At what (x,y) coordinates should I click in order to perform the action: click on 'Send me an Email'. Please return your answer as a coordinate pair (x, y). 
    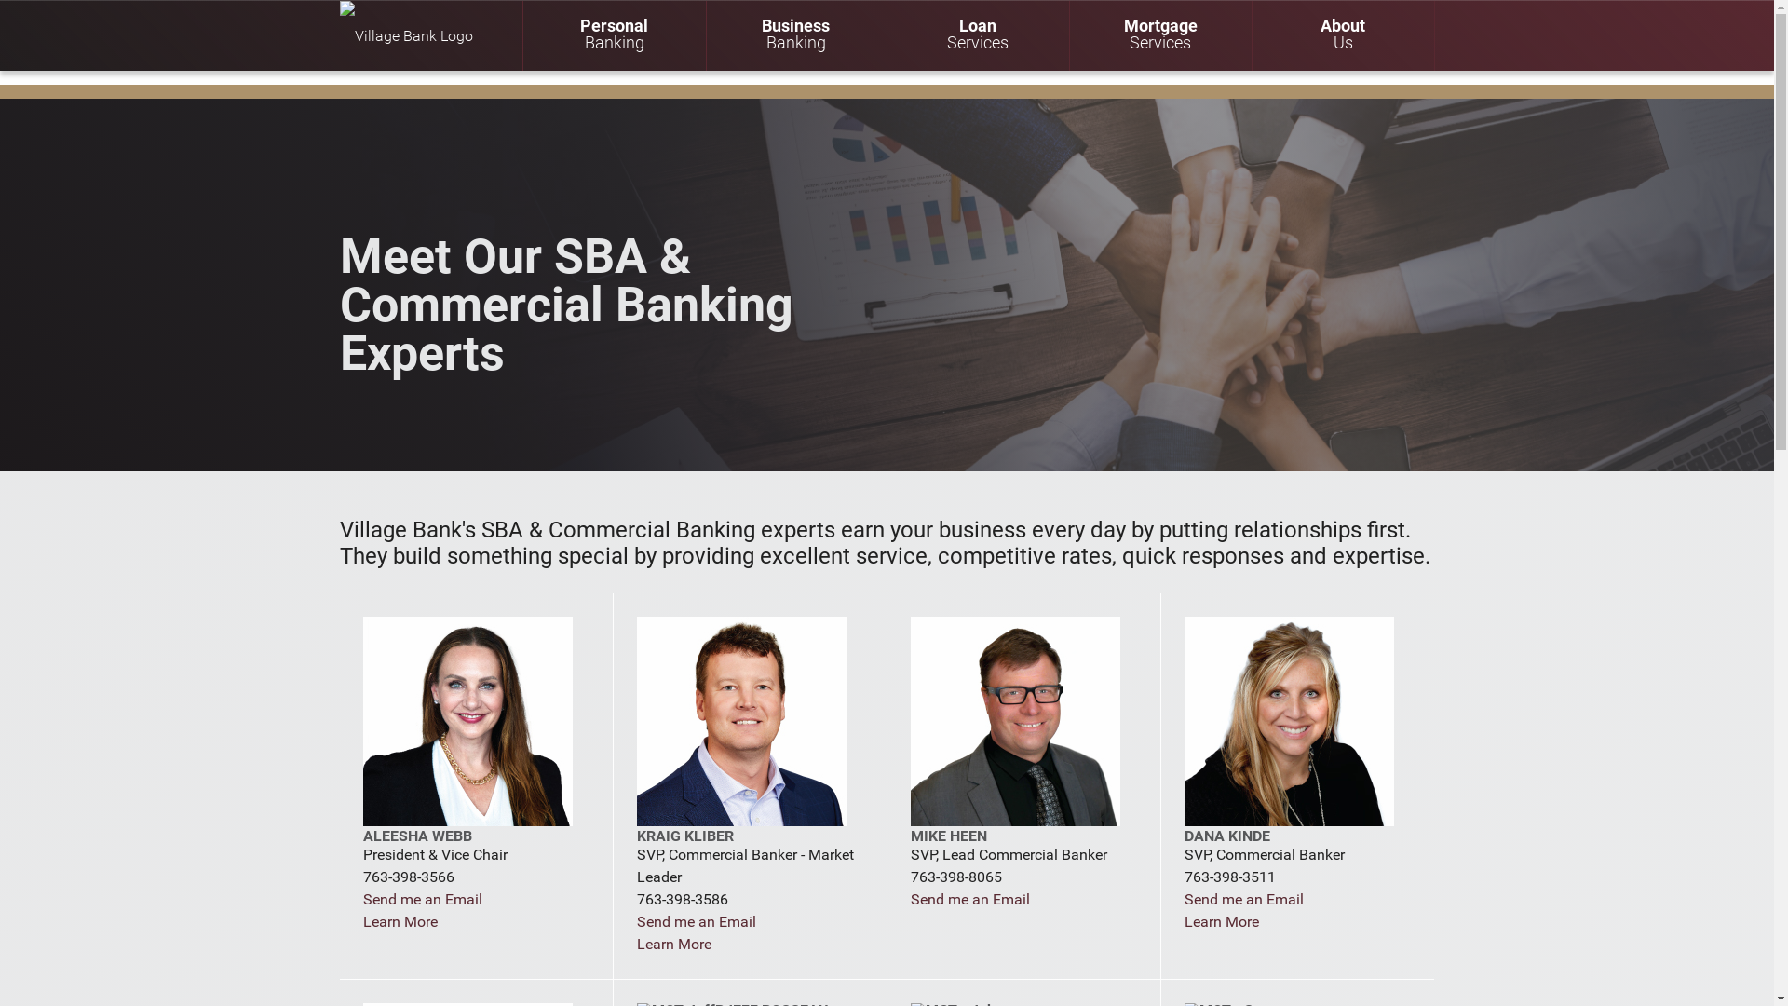
    Looking at the image, I should click on (968, 898).